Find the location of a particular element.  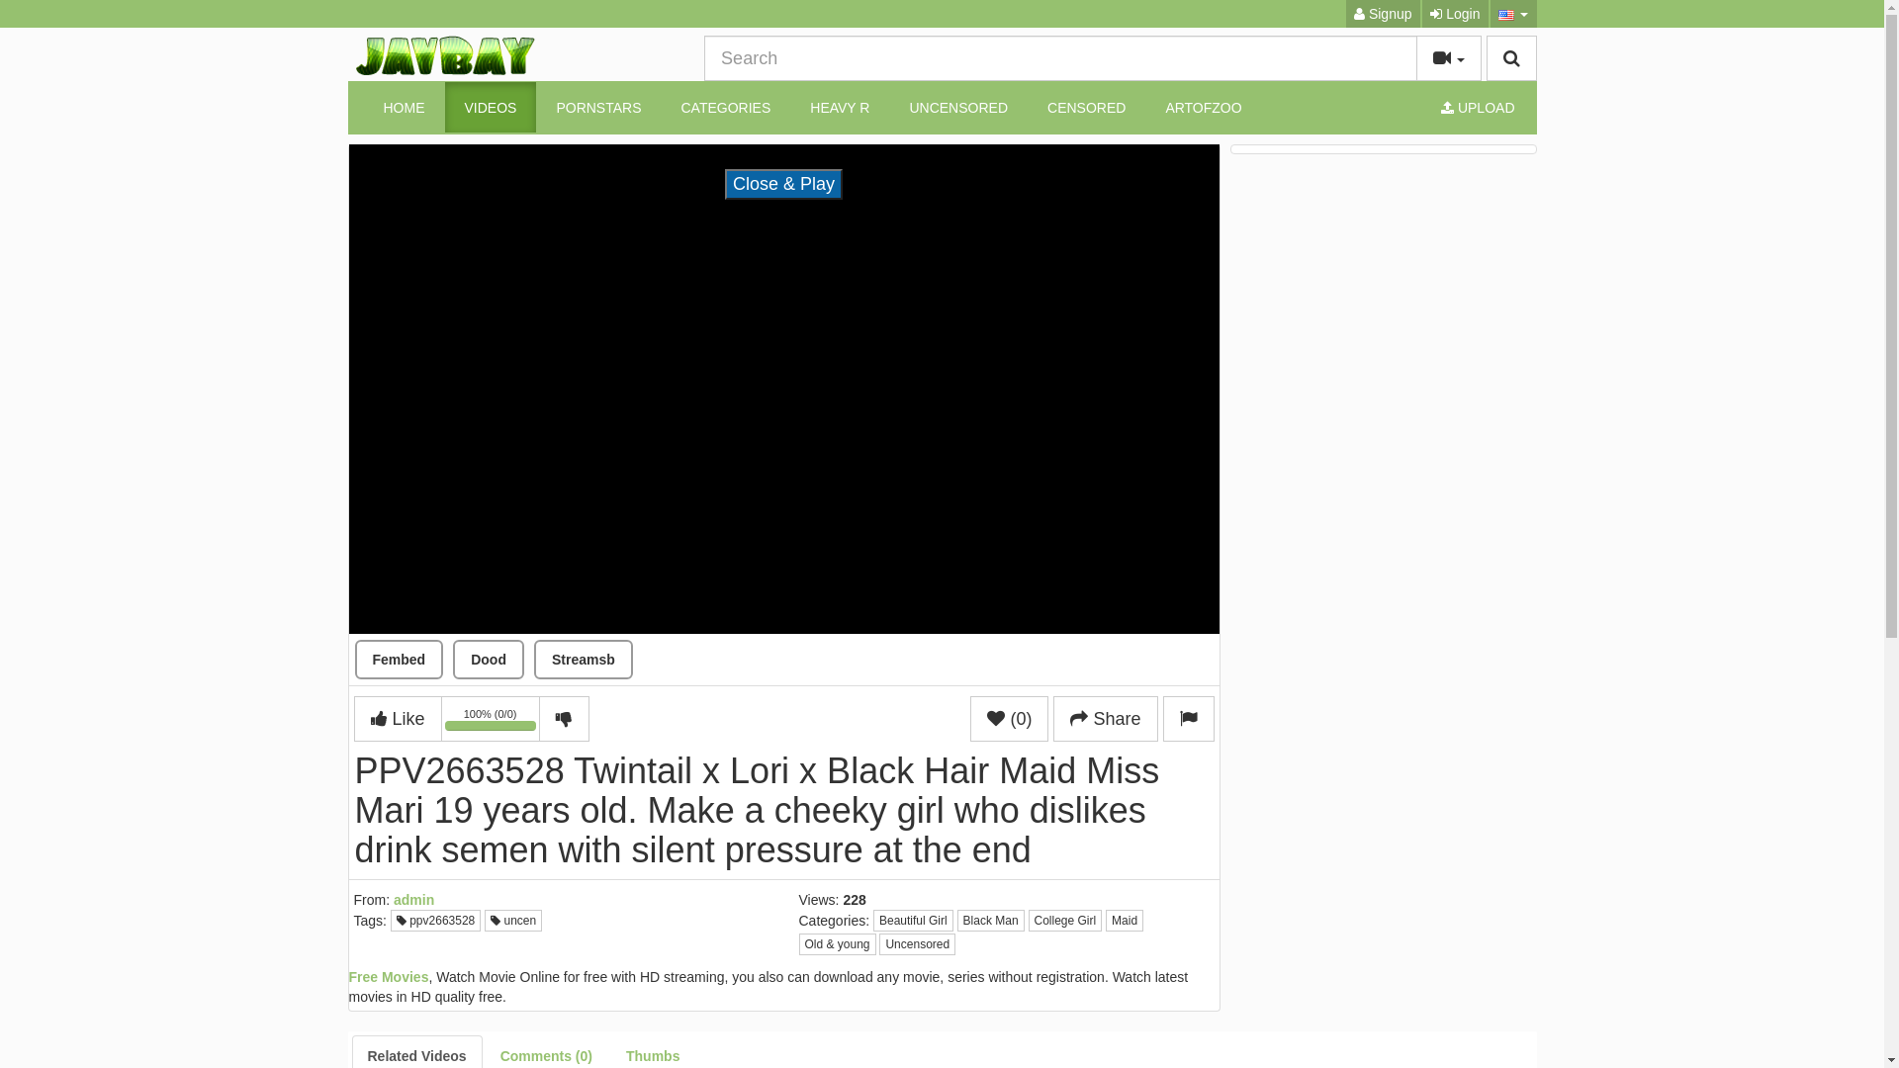

'ARTOFZOO' is located at coordinates (1202, 107).